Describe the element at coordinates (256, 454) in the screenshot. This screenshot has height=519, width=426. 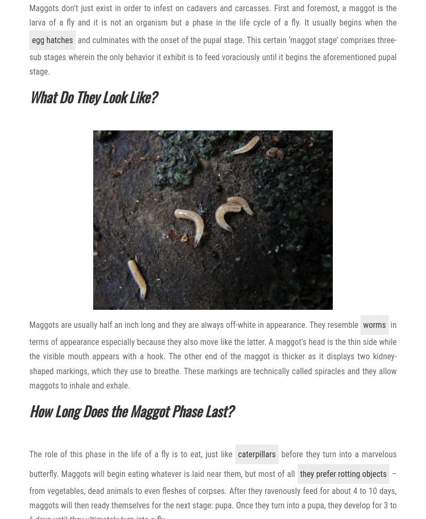
I see `'caterpillars'` at that location.